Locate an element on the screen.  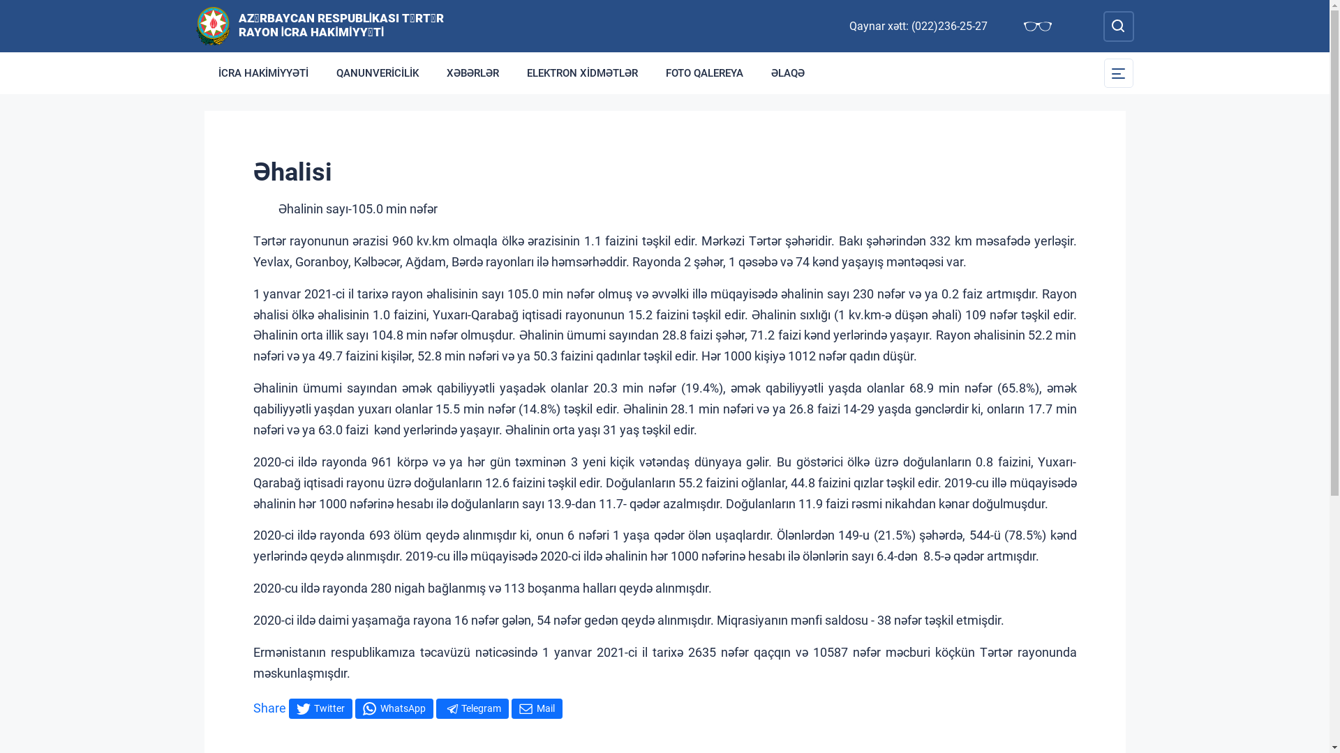
'FOTO QALEREYA' is located at coordinates (704, 73).